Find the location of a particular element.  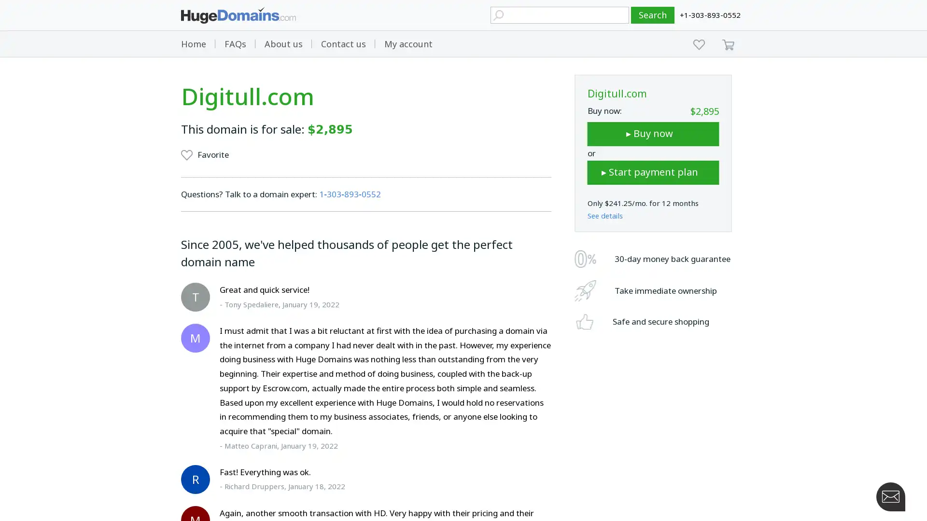

Search is located at coordinates (653, 15).